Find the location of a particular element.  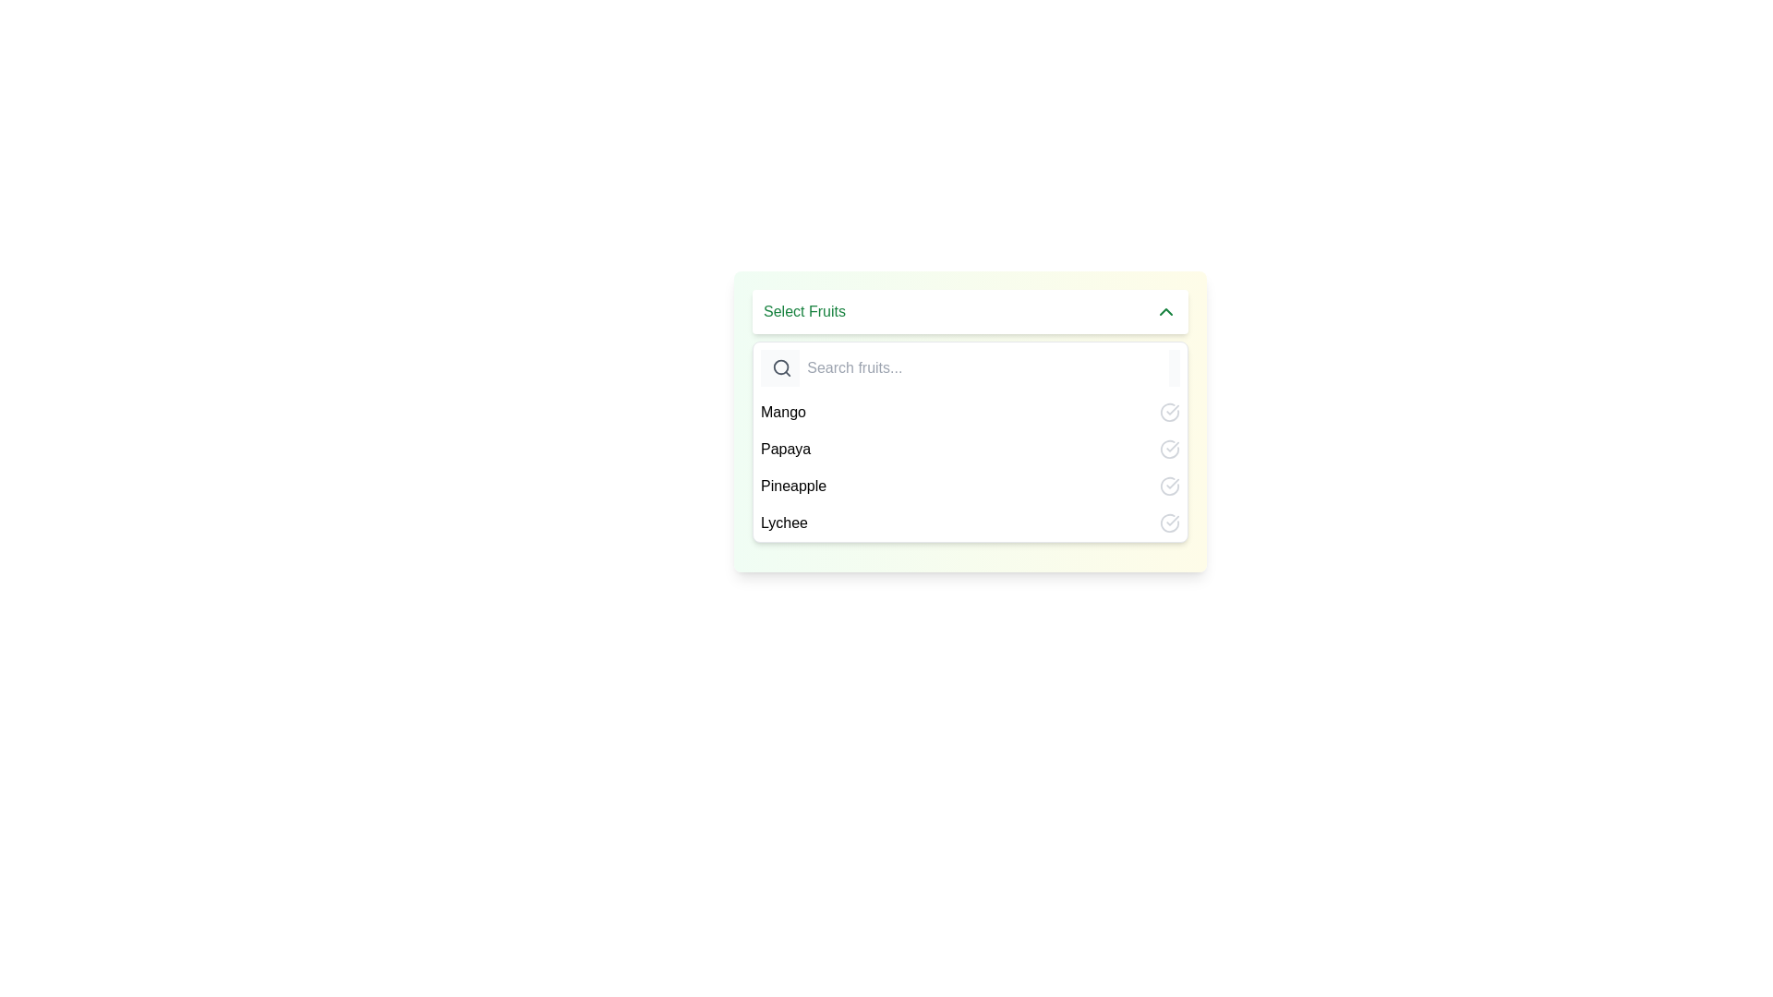

the text label displaying 'Lychee' which is the fourth item in a selectable list, styled with black text on a white background is located at coordinates (784, 523).